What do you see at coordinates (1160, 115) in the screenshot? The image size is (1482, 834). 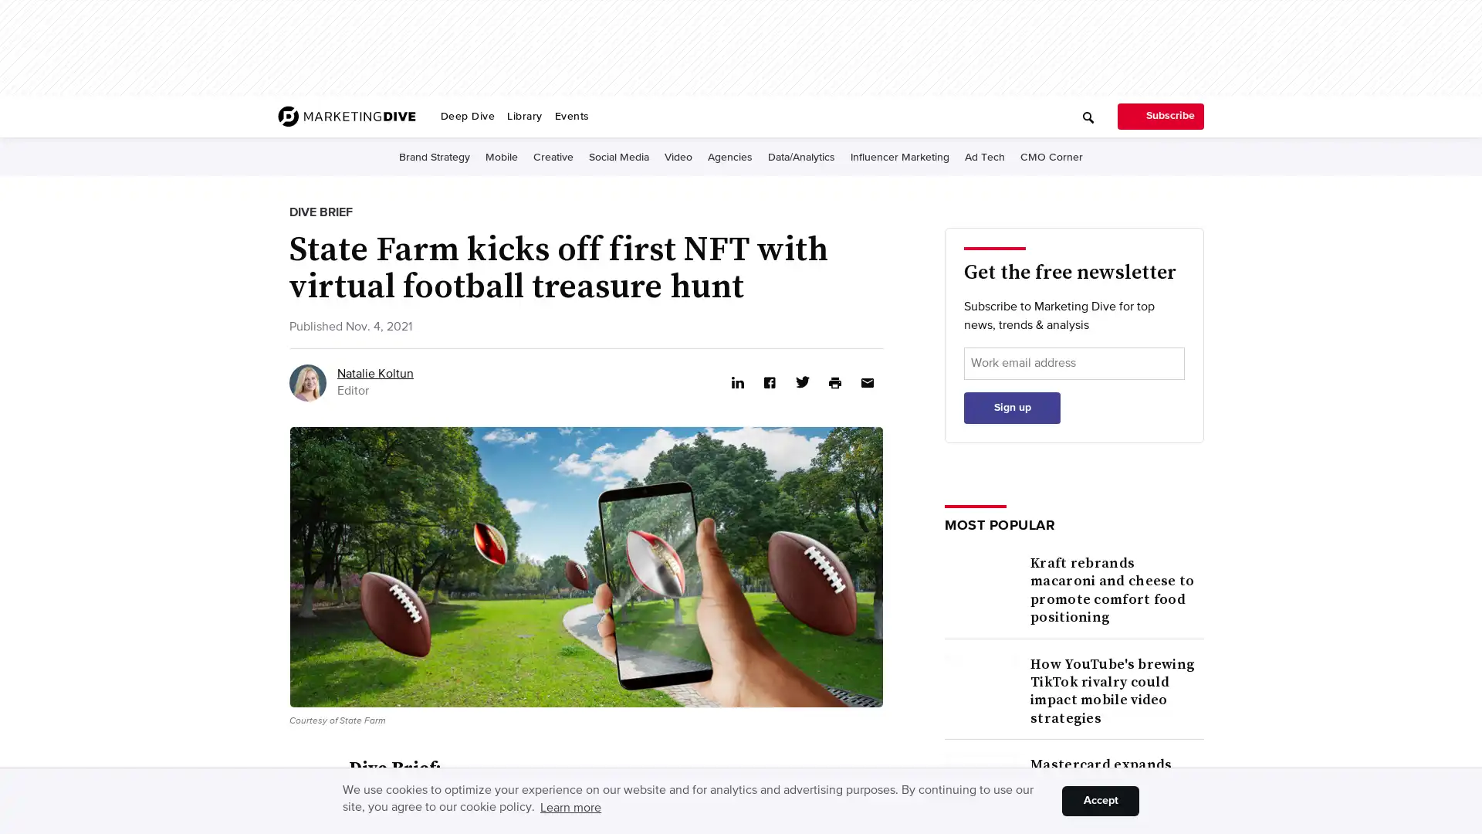 I see `Subscribe` at bounding box center [1160, 115].